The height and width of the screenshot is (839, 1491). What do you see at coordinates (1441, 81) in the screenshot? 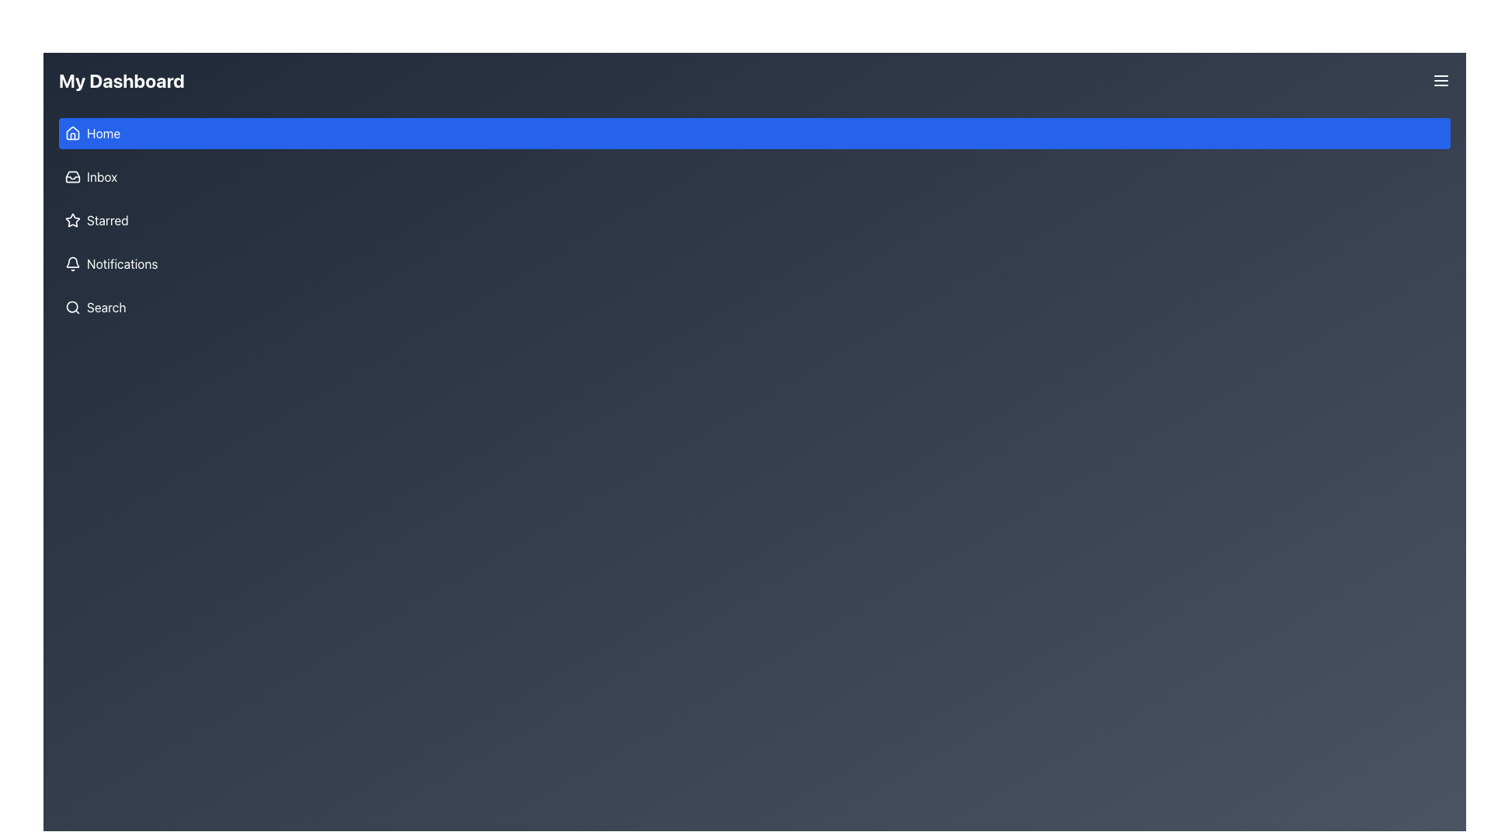
I see `the menu toggle button located at the top-right corner of 'My Dashboard'` at bounding box center [1441, 81].